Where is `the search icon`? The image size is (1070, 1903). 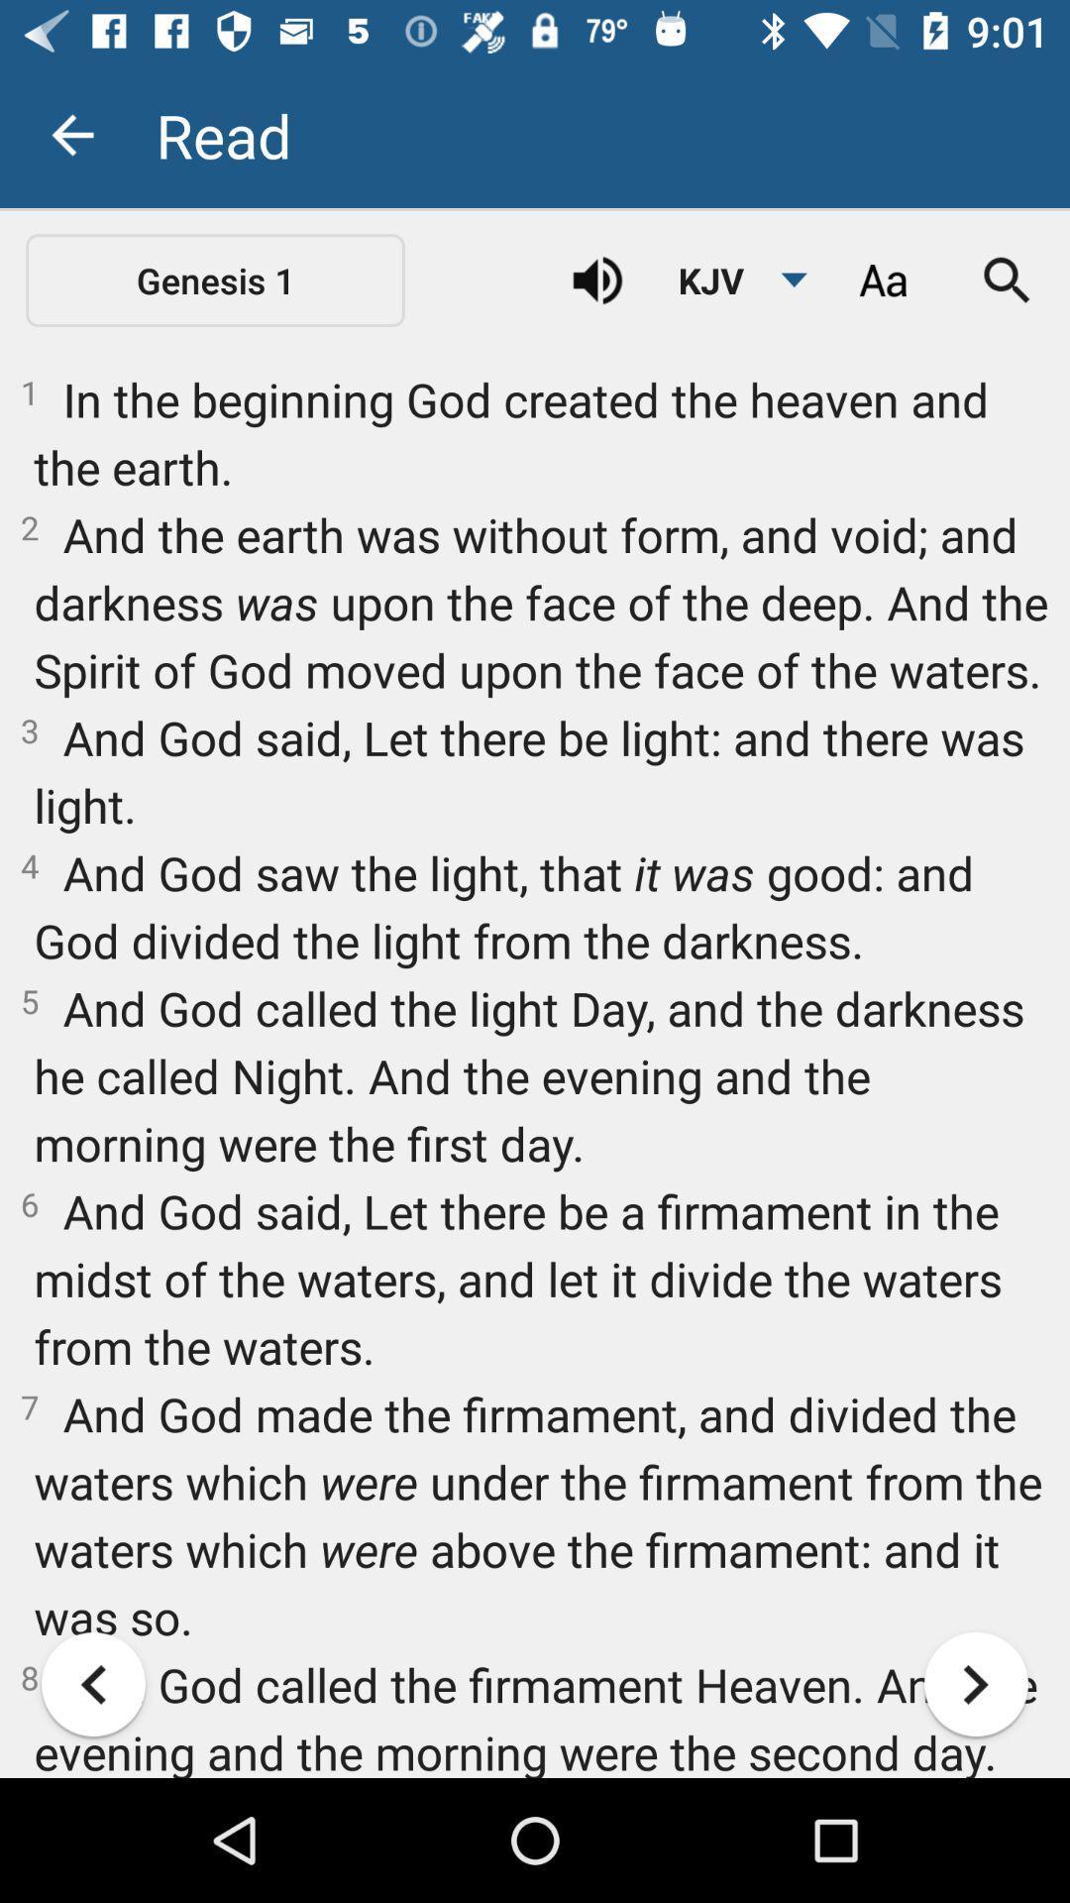
the search icon is located at coordinates (1008, 280).